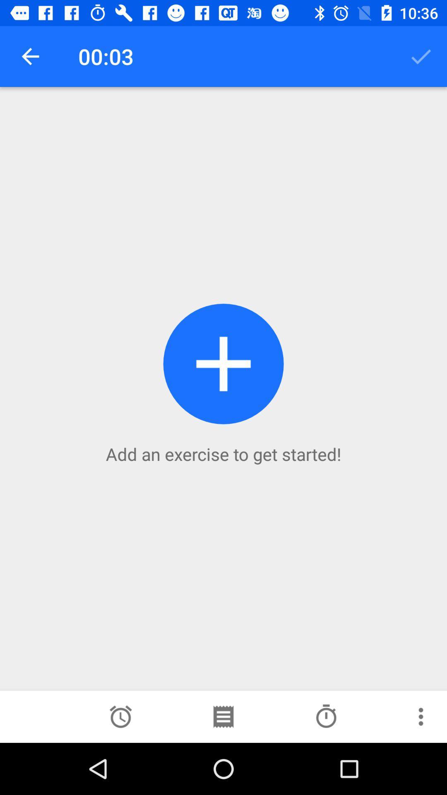 The height and width of the screenshot is (795, 447). What do you see at coordinates (120, 716) in the screenshot?
I see `icon below add an exercise item` at bounding box center [120, 716].